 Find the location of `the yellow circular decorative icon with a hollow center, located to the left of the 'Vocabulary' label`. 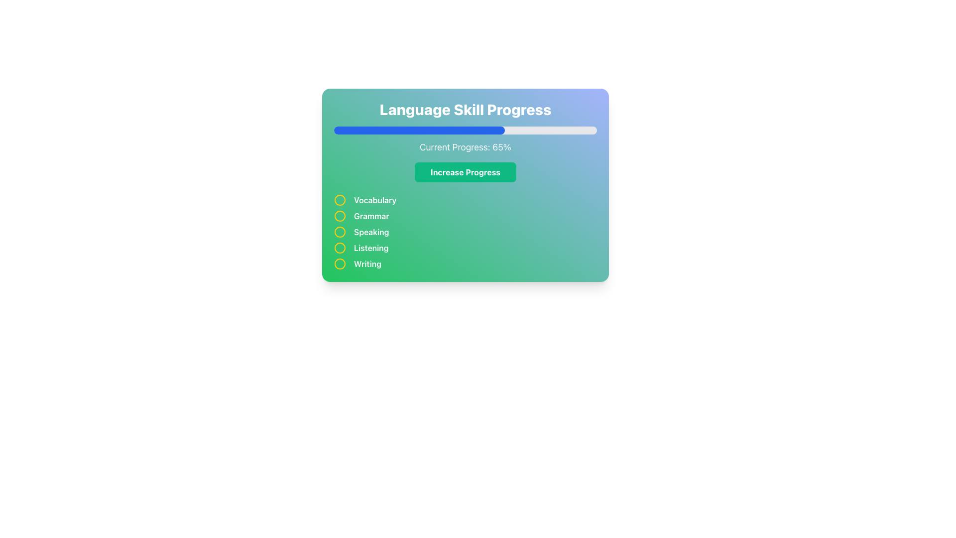

the yellow circular decorative icon with a hollow center, located to the left of the 'Vocabulary' label is located at coordinates (340, 200).